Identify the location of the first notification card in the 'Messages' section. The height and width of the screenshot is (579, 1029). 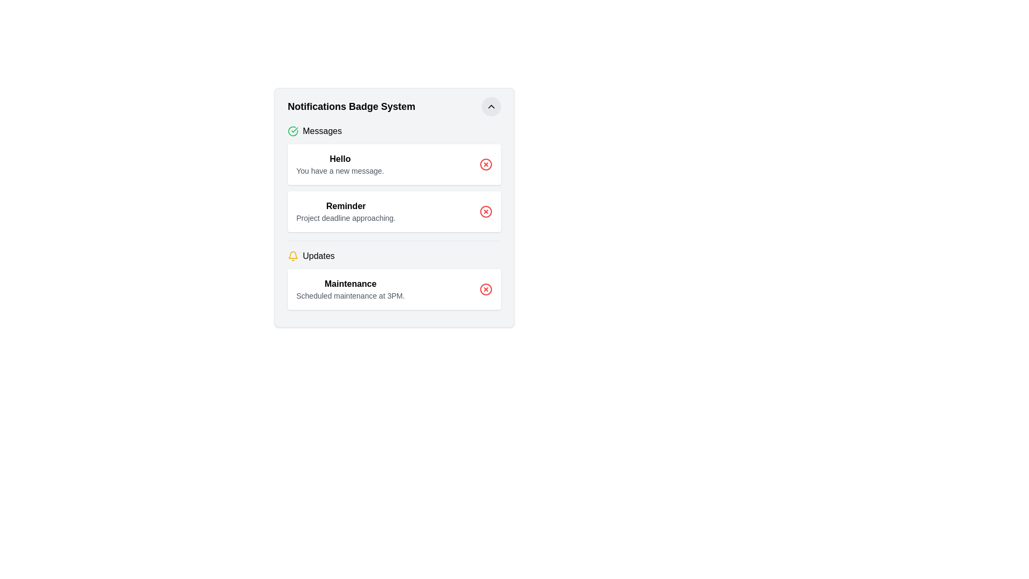
(393, 165).